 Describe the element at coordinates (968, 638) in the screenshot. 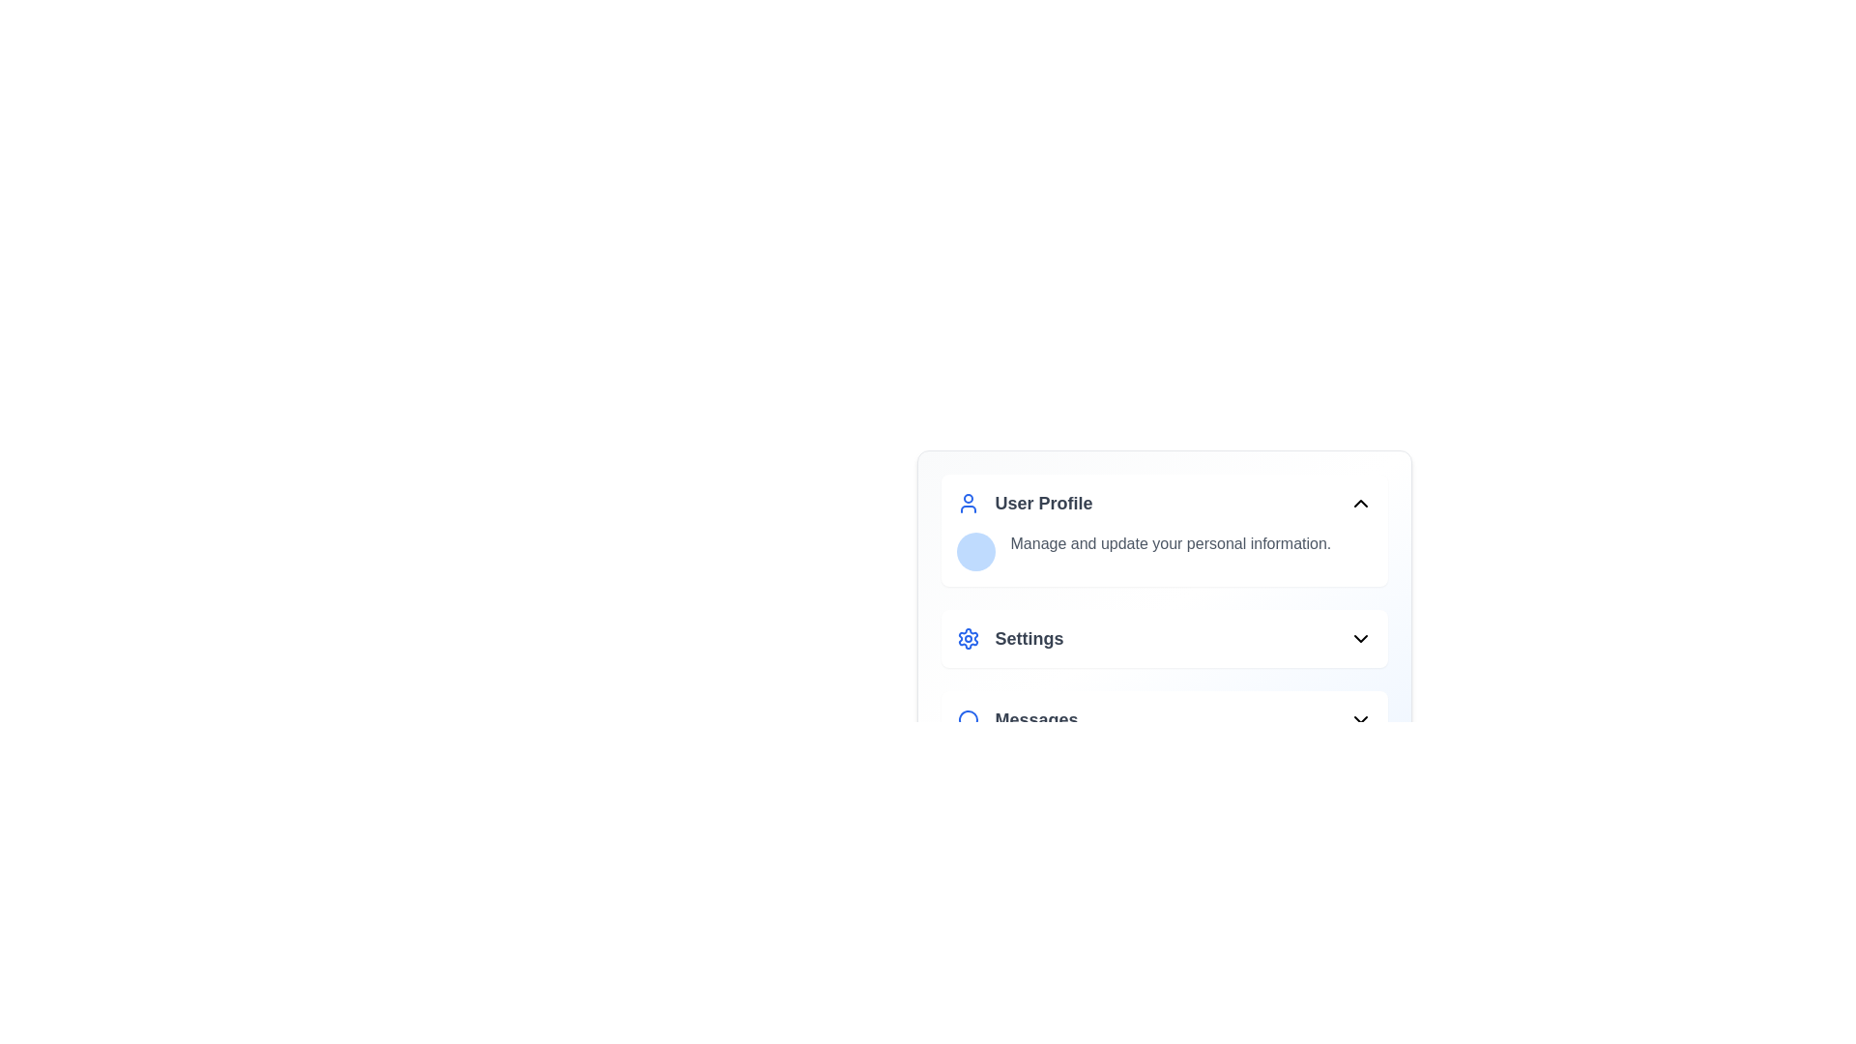

I see `the gear icon located to the left of the 'Settings' text` at that location.